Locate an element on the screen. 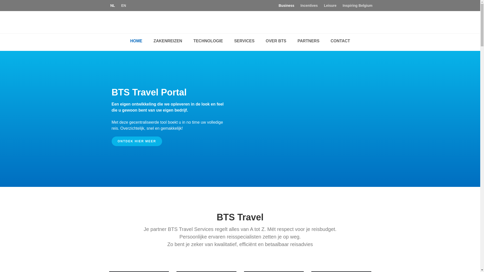 This screenshot has height=272, width=484. 'PARTNERS' is located at coordinates (292, 41).